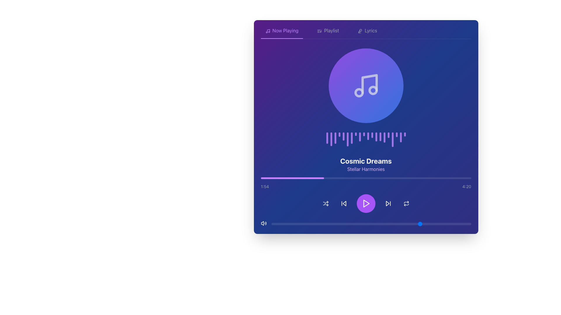  I want to click on the primary title text label indicating the name of a music track or album, positioned above the smaller text label 'Stellar Harmonies', so click(366, 161).